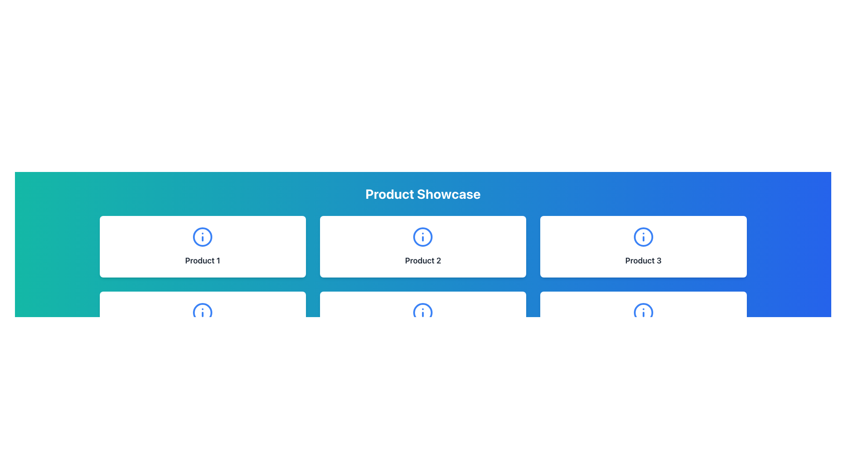  Describe the element at coordinates (202, 237) in the screenshot. I see `the SVG circle representing the information icon in the top-left card labeled 'Product 1'` at that location.